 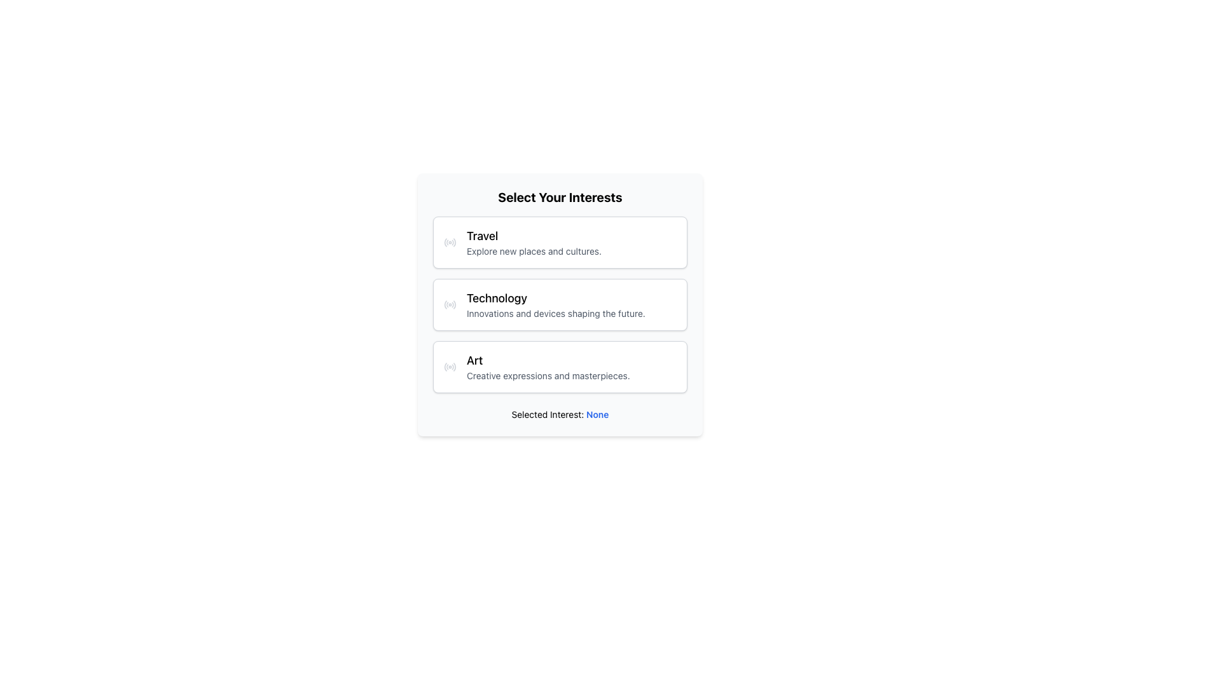 I want to click on the text label displaying 'Explore new places and cultures', which is styled in gray and positioned directly below the 'Travel' text, so click(x=534, y=252).